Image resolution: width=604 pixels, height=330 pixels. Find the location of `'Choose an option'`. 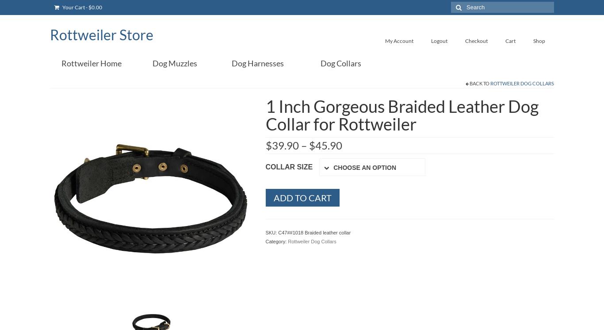

'Choose an option' is located at coordinates (364, 167).